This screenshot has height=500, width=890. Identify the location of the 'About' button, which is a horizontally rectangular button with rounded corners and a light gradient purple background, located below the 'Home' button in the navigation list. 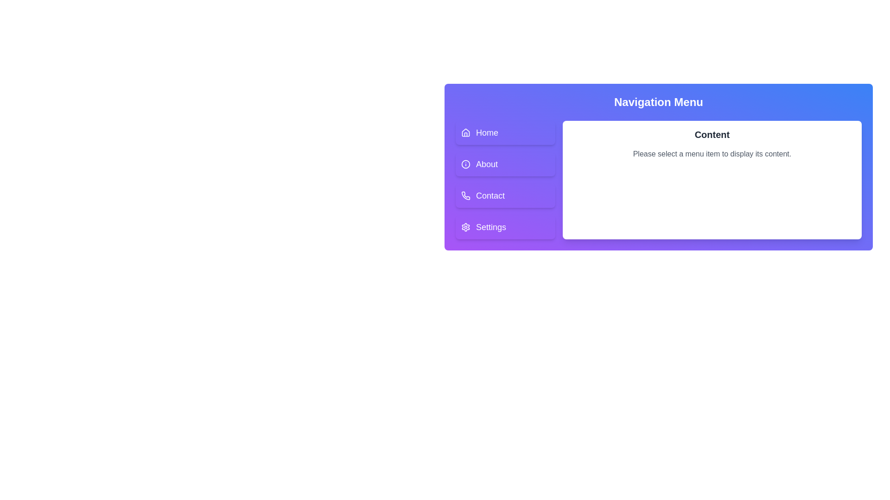
(505, 163).